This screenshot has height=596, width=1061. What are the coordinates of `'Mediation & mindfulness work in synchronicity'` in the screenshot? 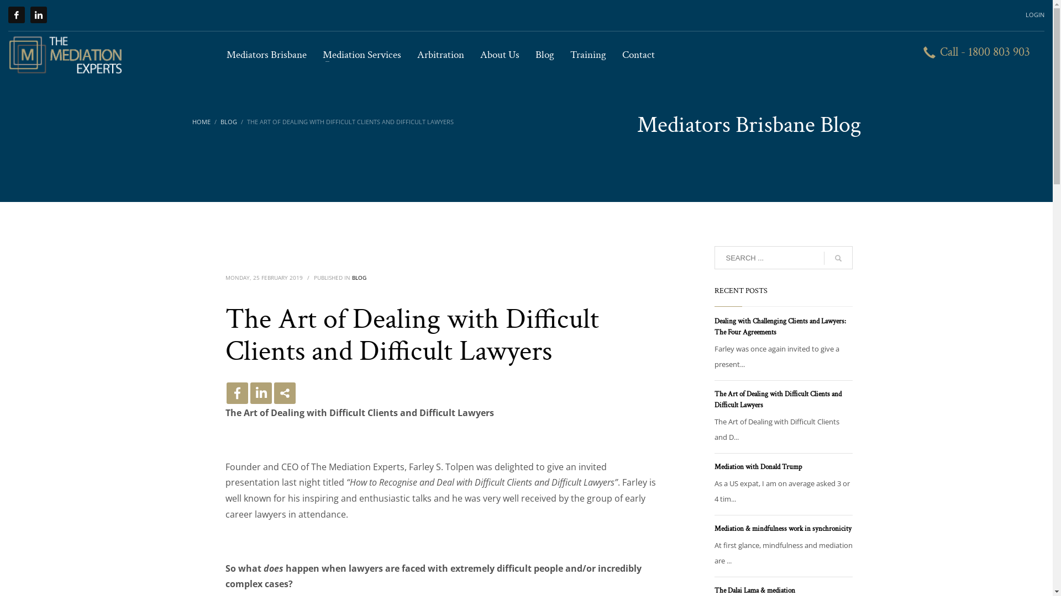 It's located at (782, 528).